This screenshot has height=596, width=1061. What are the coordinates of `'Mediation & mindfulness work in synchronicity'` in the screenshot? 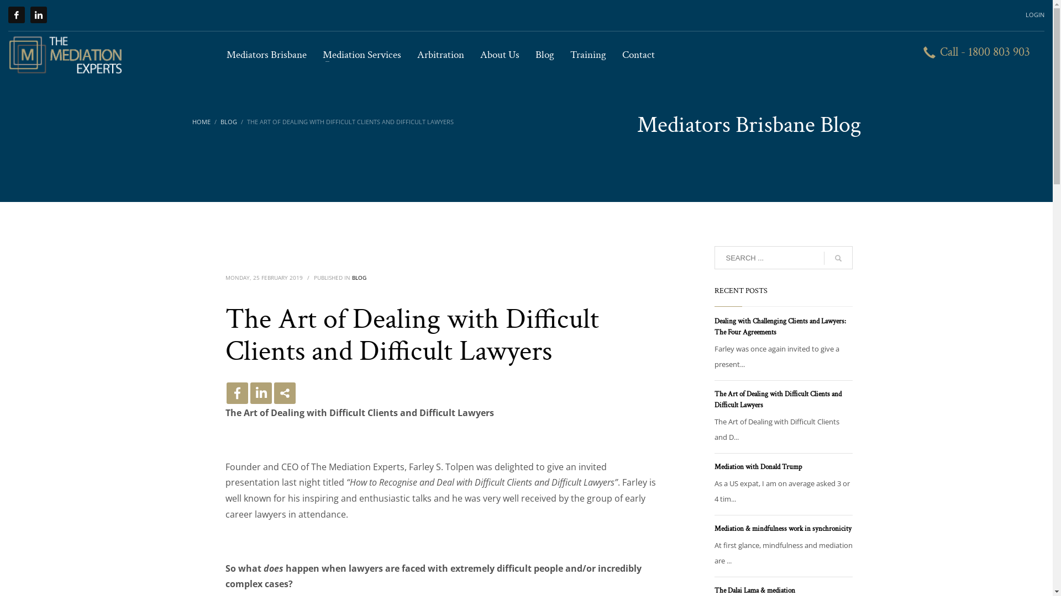 It's located at (782, 528).